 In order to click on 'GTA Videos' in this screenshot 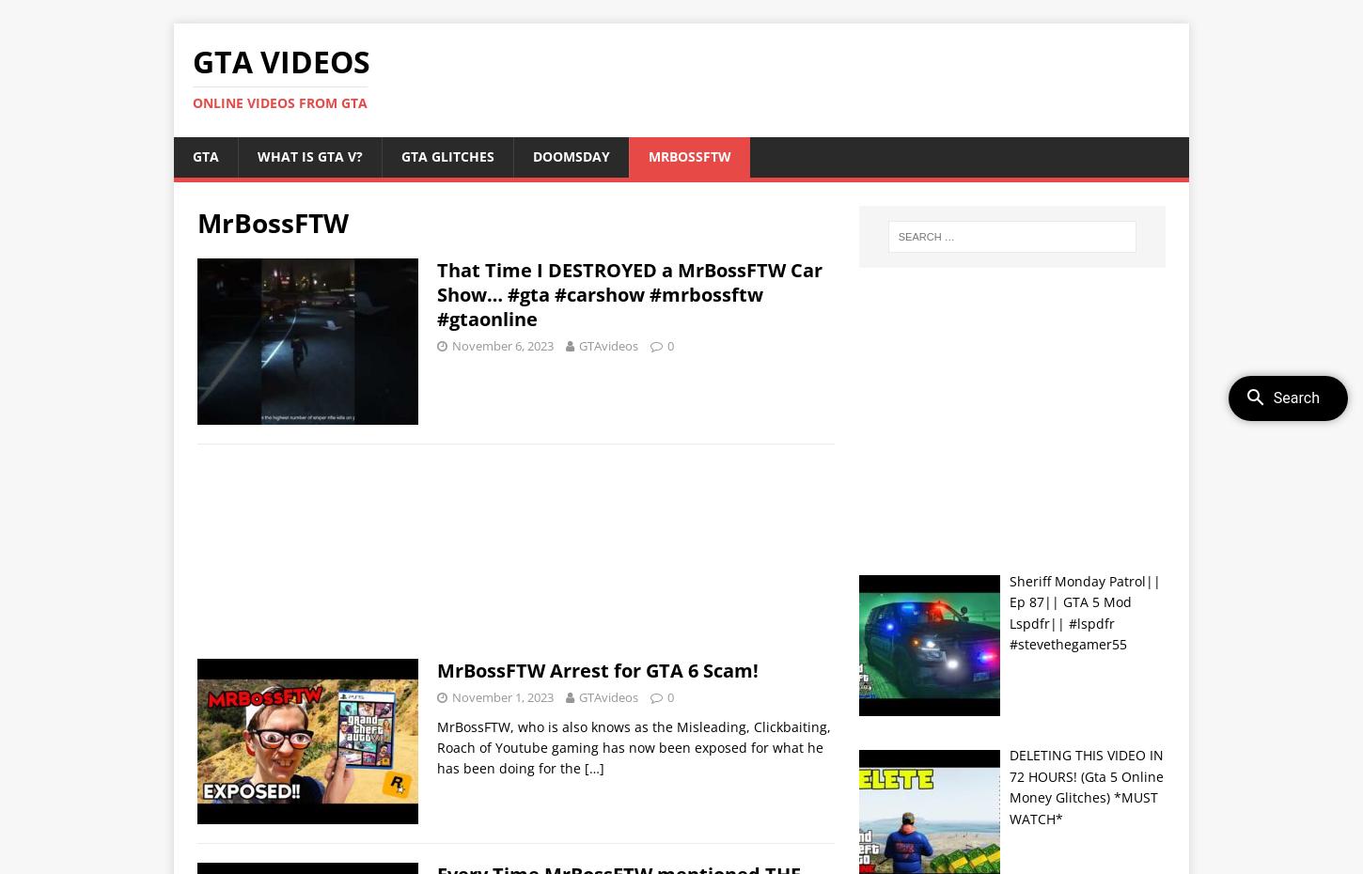, I will do `click(281, 60)`.